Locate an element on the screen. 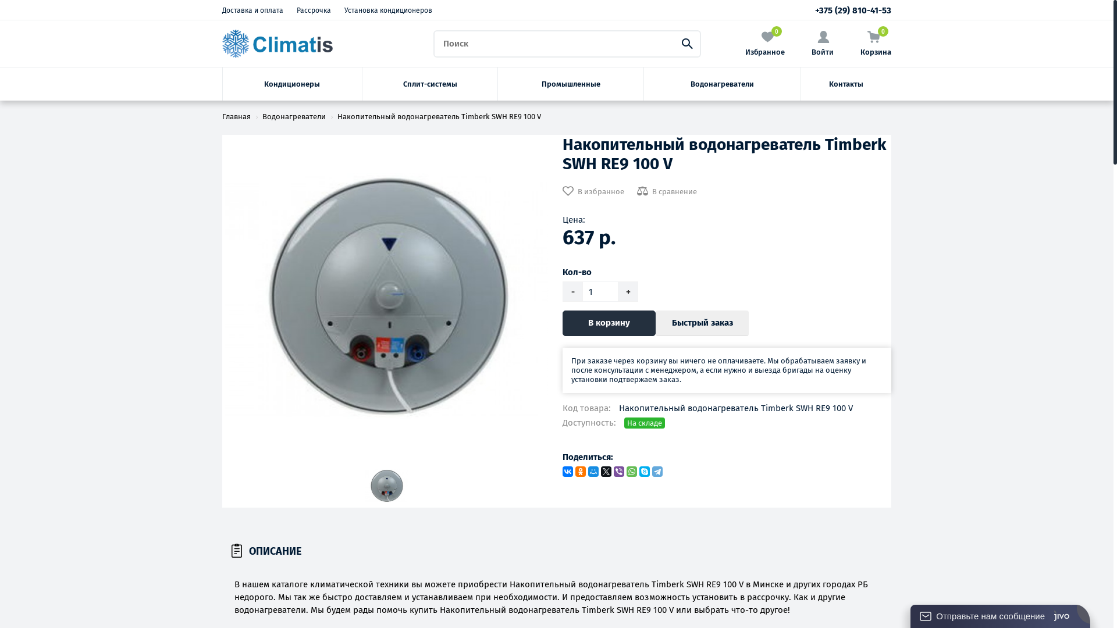 This screenshot has width=1117, height=628. 'WhatsApp' is located at coordinates (631, 471).